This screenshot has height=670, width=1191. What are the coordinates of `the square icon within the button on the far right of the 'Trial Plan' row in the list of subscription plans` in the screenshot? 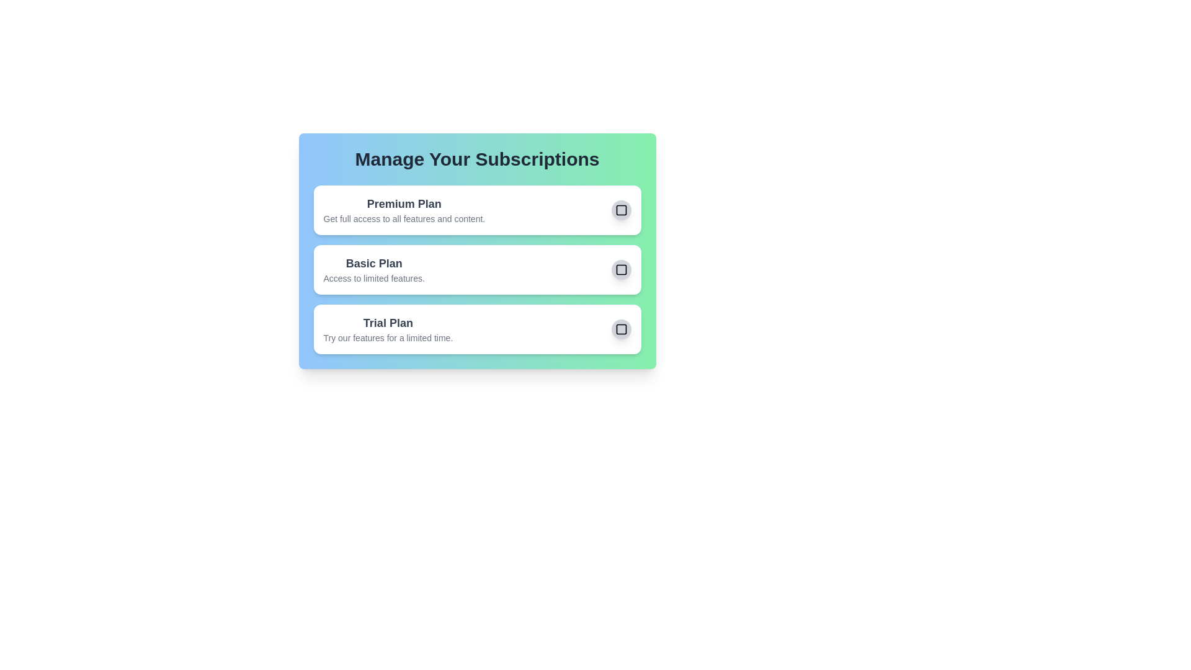 It's located at (621, 329).